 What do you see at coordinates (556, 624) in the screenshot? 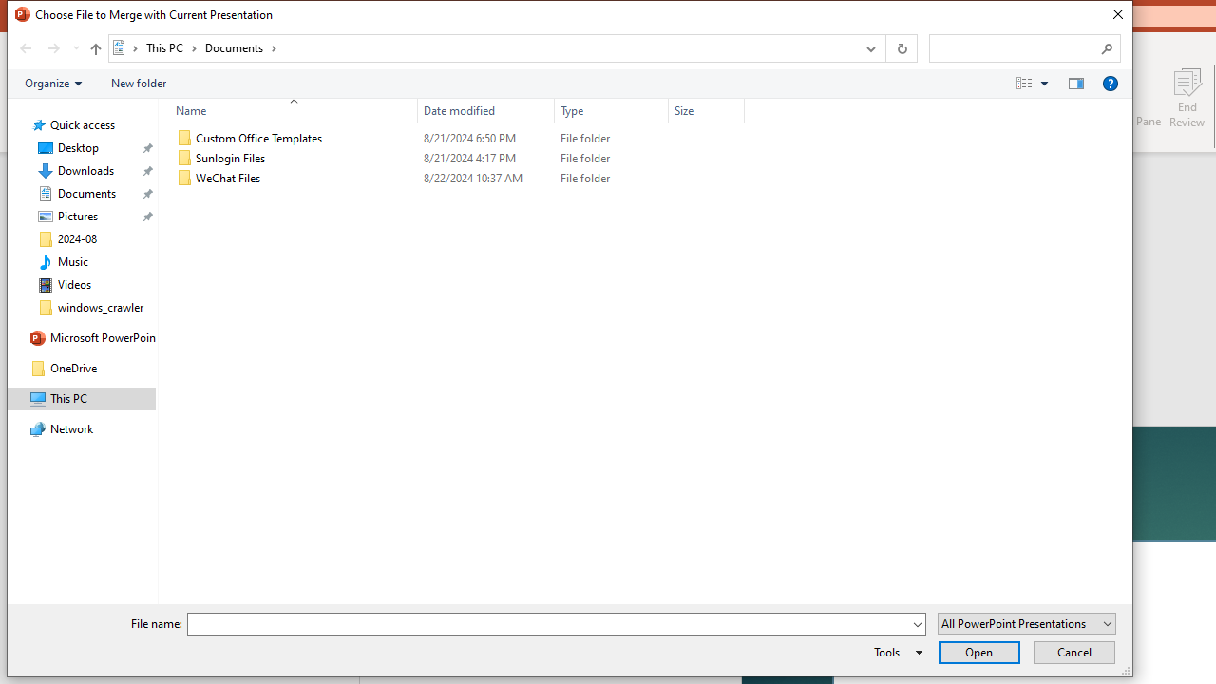
I see `'File name:'` at bounding box center [556, 624].